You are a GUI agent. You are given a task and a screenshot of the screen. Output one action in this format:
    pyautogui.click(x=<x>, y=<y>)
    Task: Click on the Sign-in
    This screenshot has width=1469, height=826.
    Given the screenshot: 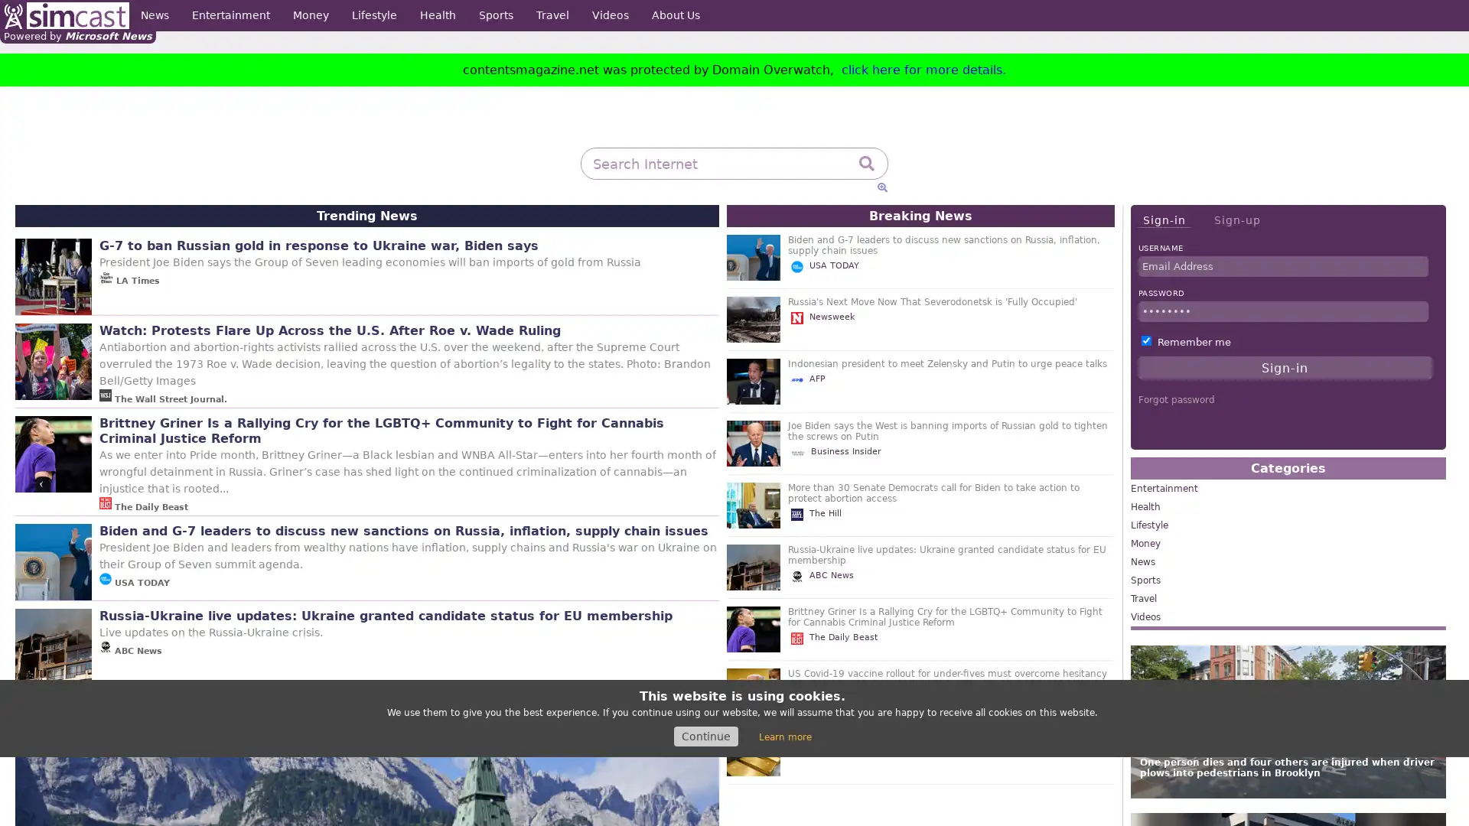 What is the action you would take?
    pyautogui.click(x=1285, y=368)
    